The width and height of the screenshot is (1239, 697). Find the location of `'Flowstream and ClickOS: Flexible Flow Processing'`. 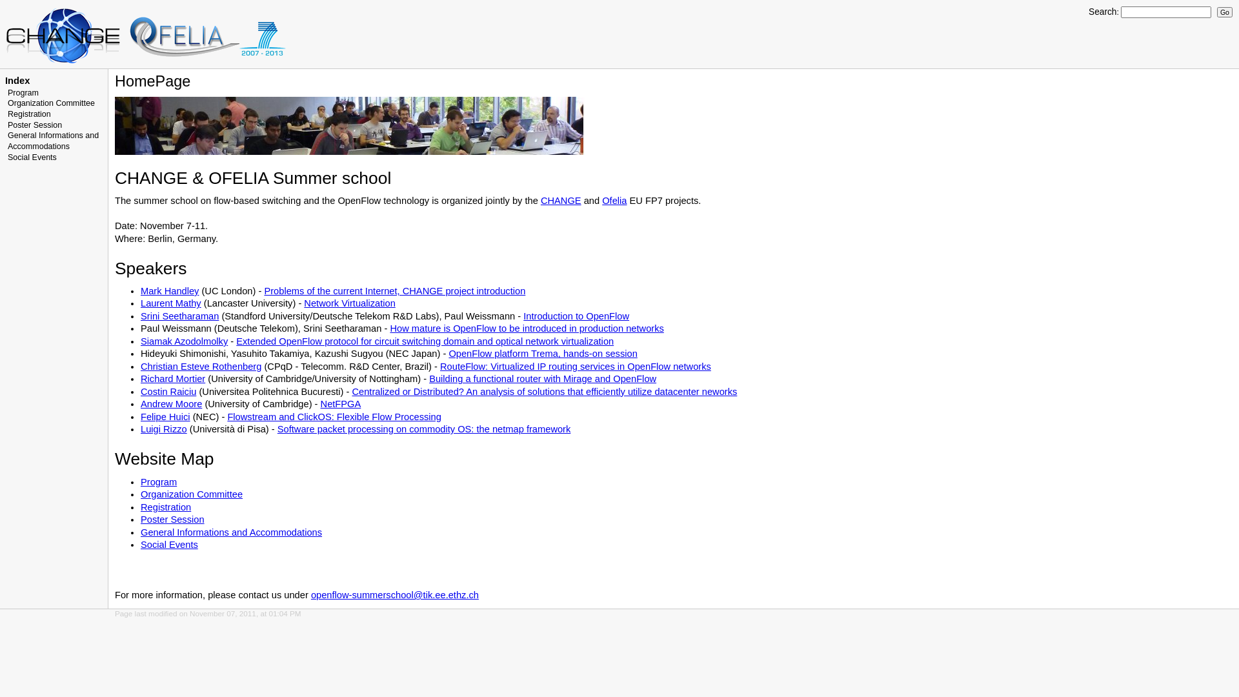

'Flowstream and ClickOS: Flexible Flow Processing' is located at coordinates (334, 416).